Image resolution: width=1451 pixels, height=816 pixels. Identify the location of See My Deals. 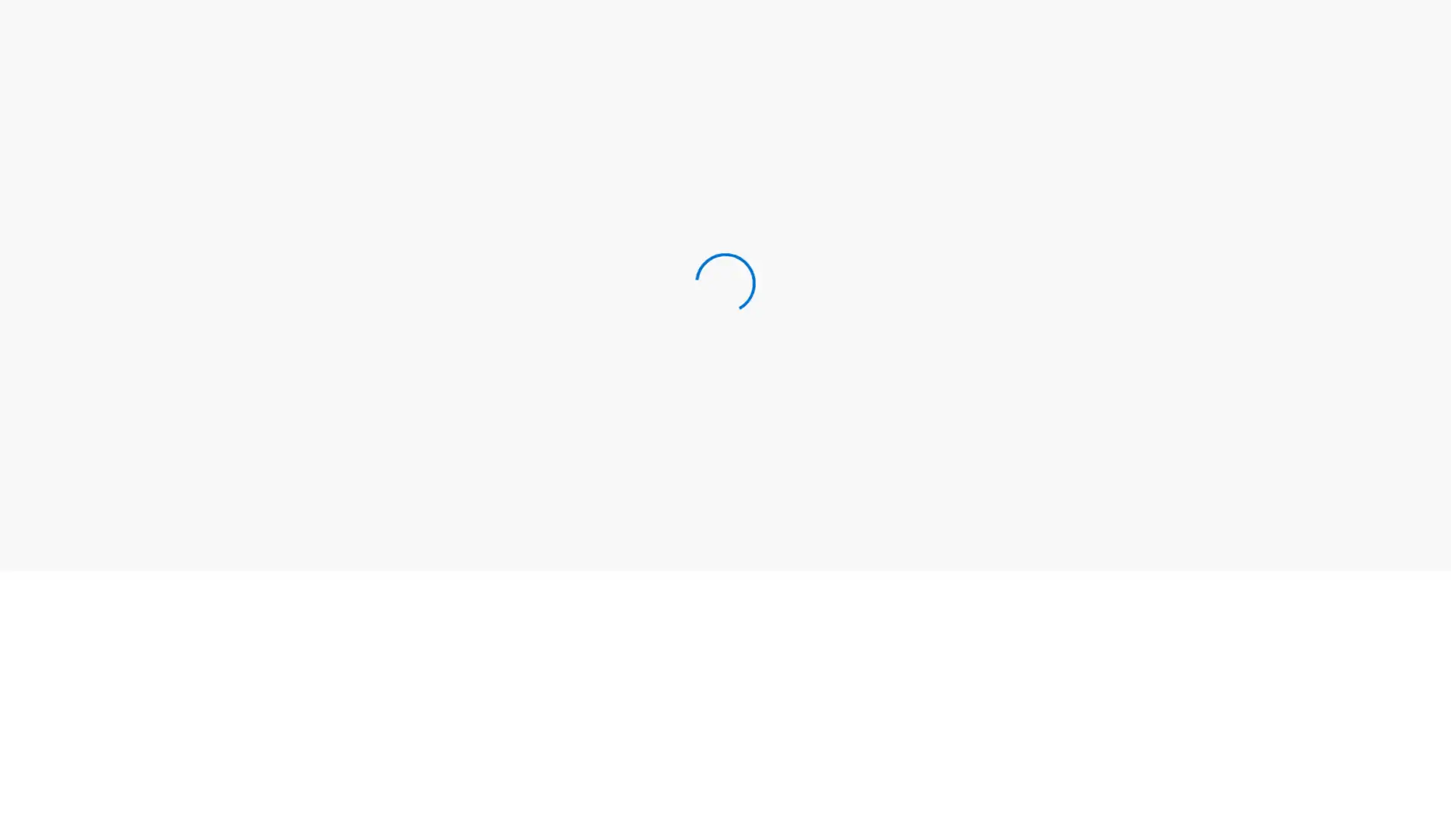
(840, 592).